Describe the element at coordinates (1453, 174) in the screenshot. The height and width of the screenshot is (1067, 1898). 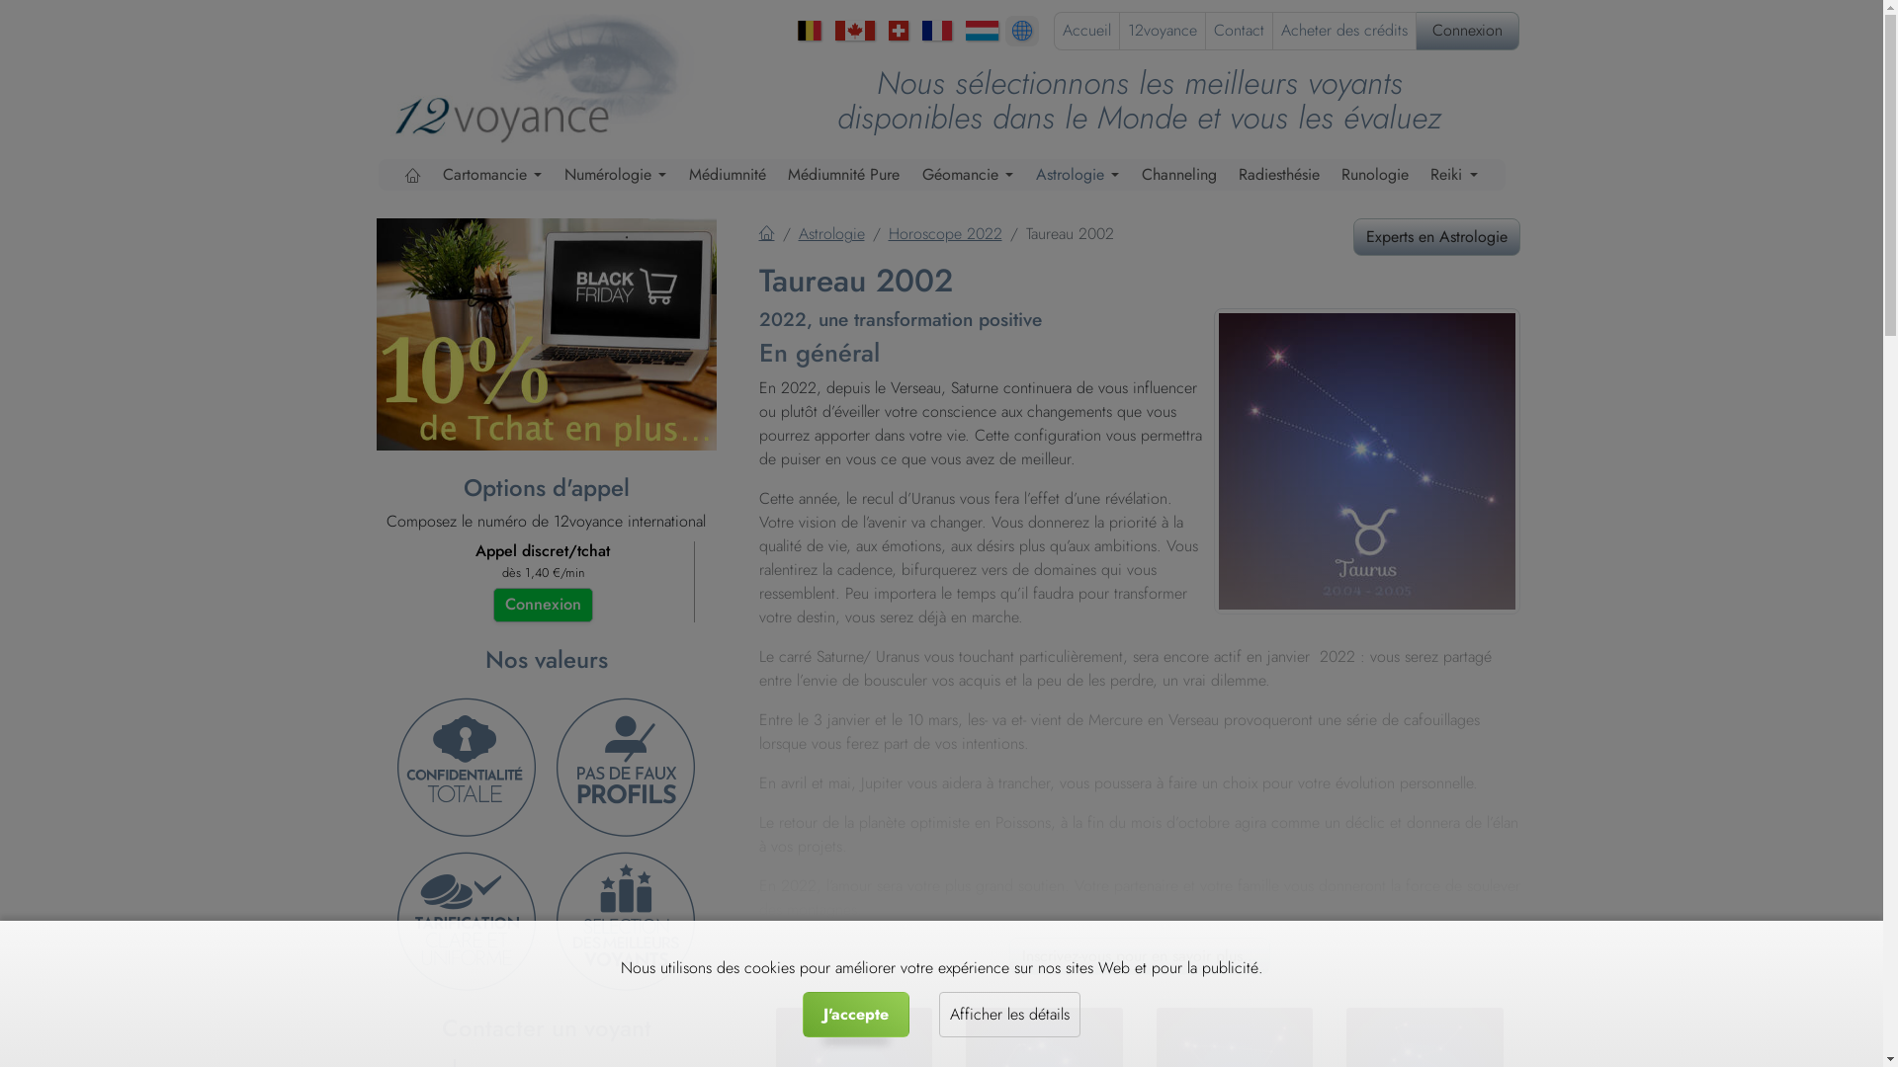
I see `'Reiki'` at that location.